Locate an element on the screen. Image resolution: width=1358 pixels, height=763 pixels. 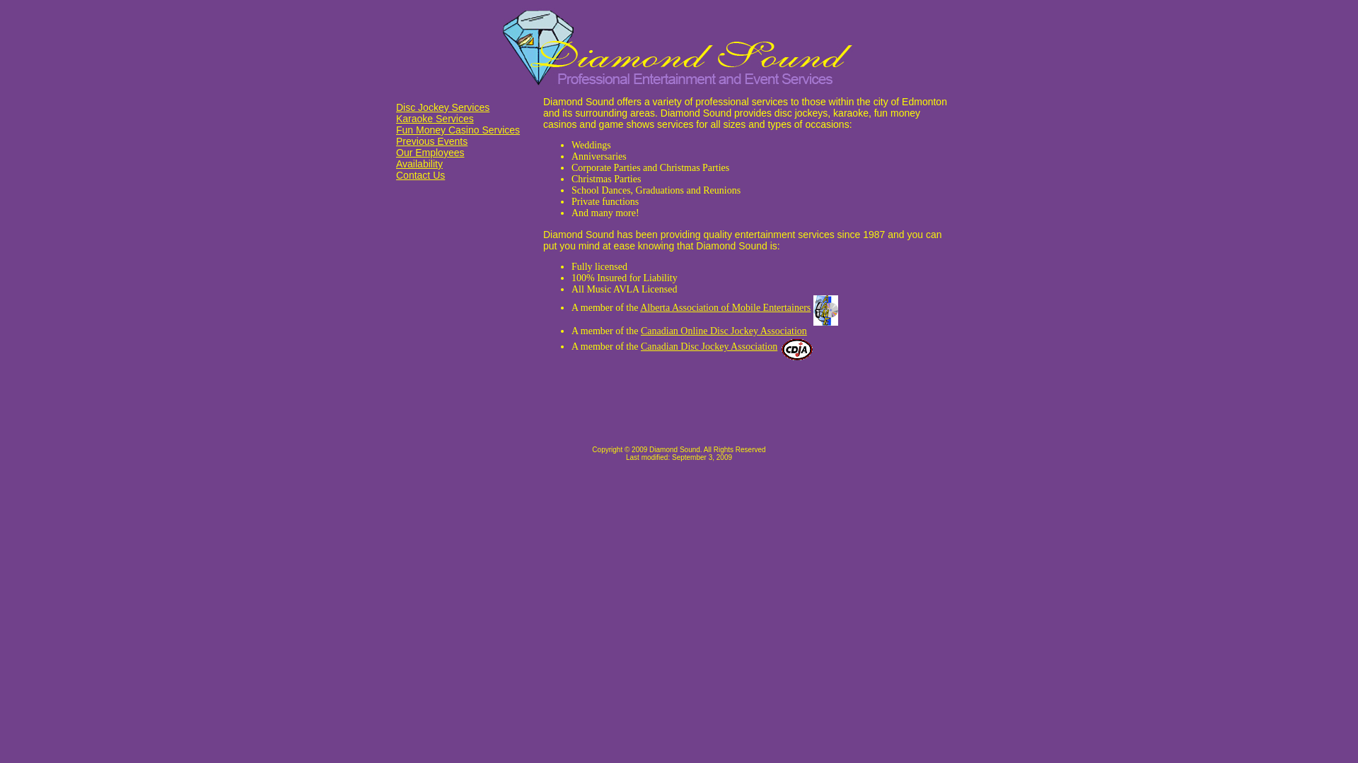
'Contact Us' is located at coordinates (419, 174).